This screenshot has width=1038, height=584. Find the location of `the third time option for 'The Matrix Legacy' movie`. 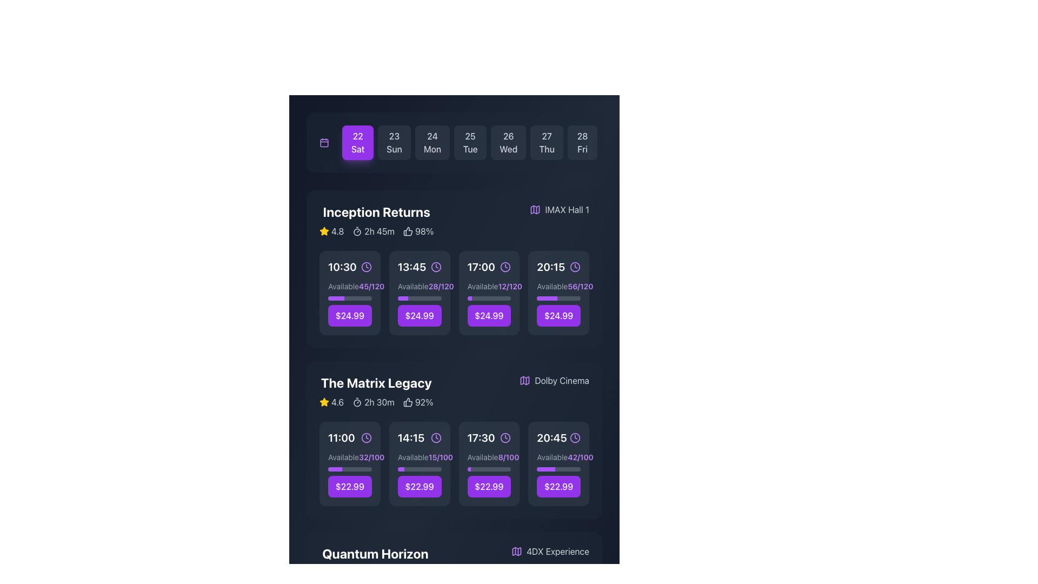

the third time option for 'The Matrix Legacy' movie is located at coordinates (488, 438).